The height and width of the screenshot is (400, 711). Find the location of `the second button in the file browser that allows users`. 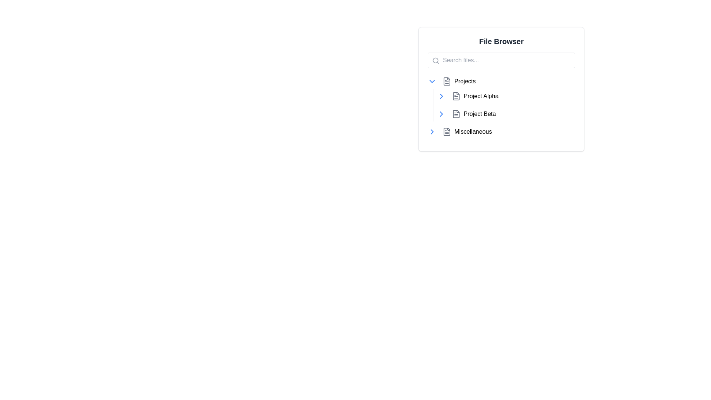

the second button in the file browser that allows users is located at coordinates (473, 114).